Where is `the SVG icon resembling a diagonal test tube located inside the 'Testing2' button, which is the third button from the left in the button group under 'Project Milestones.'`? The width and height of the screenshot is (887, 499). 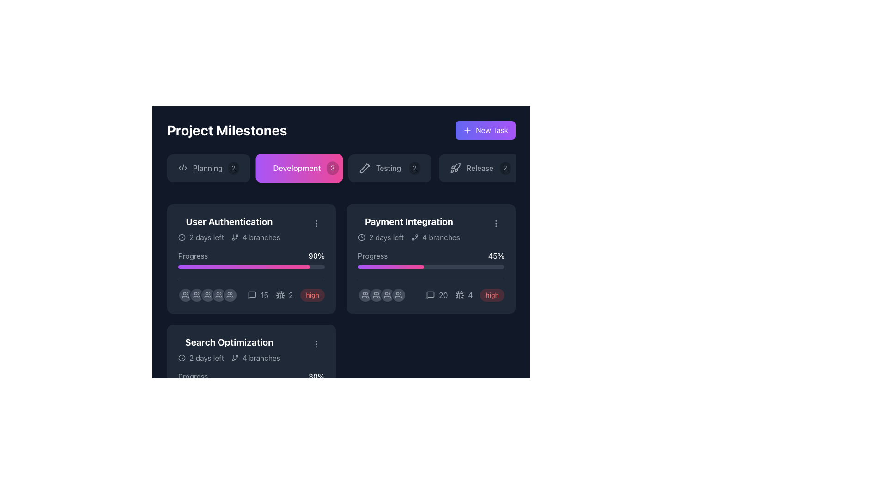 the SVG icon resembling a diagonal test tube located inside the 'Testing2' button, which is the third button from the left in the button group under 'Project Milestones.' is located at coordinates (365, 168).